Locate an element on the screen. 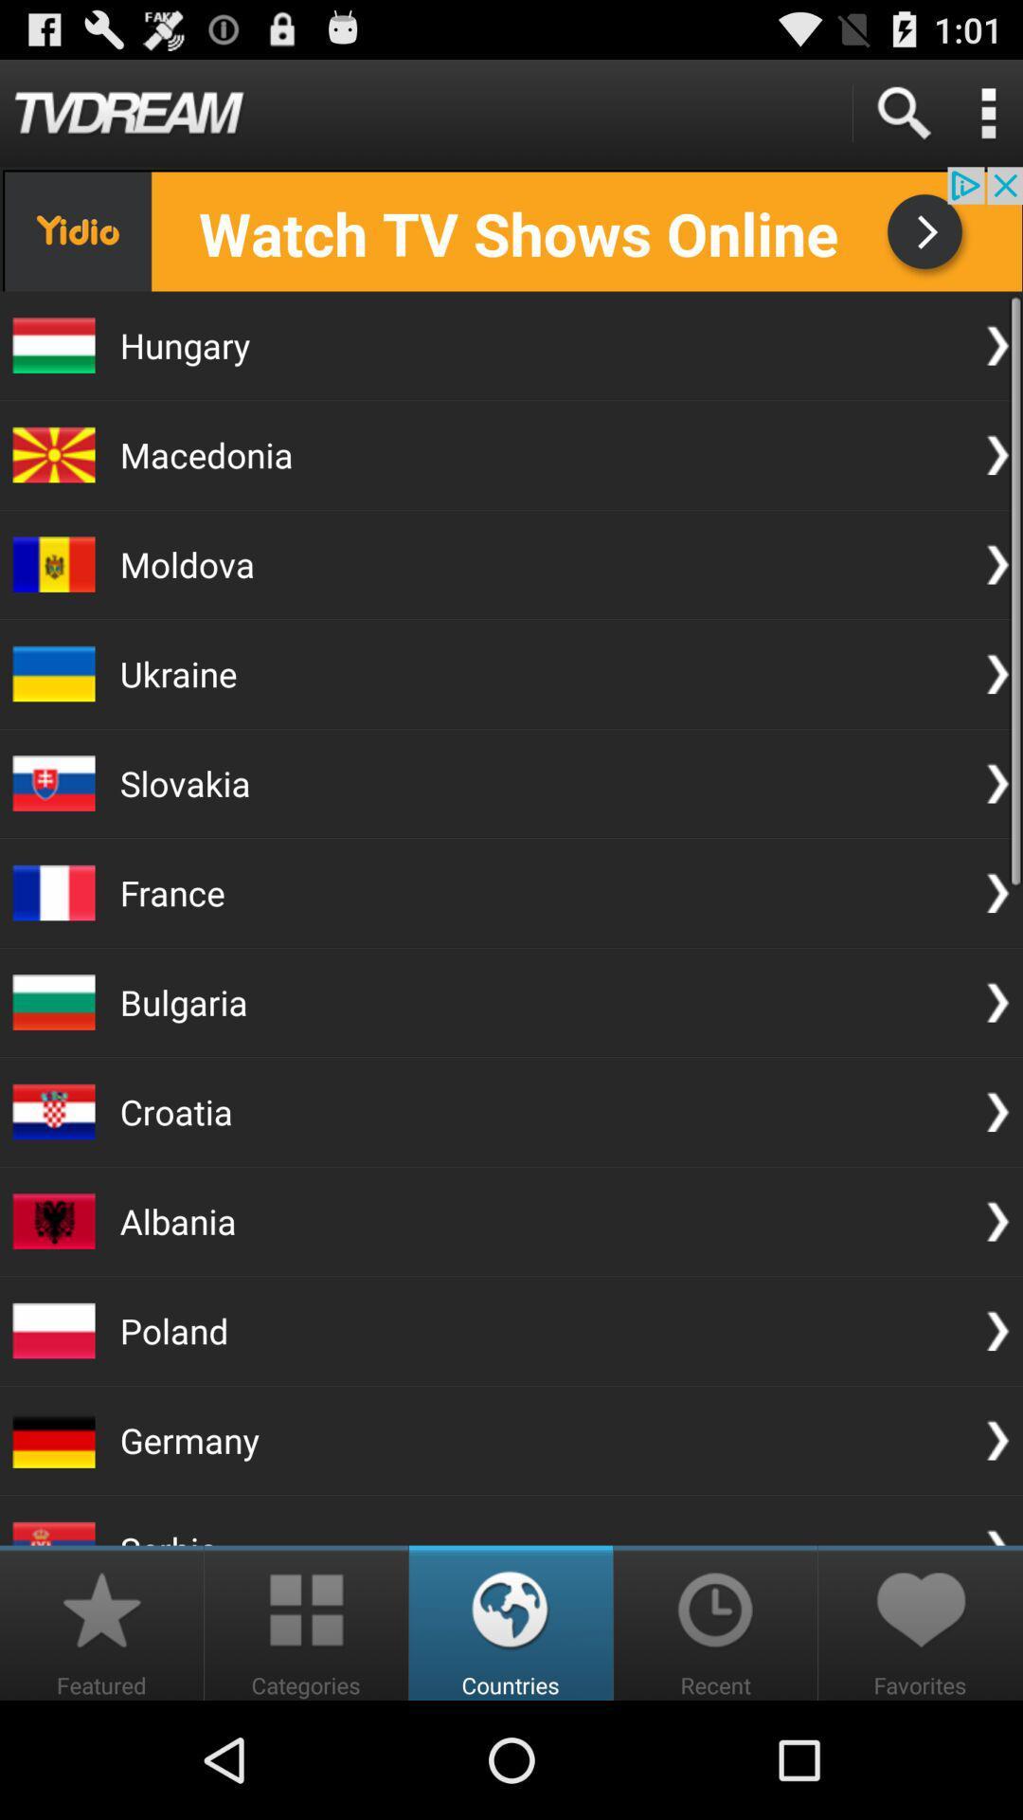 The image size is (1023, 1820). setting is located at coordinates (987, 112).